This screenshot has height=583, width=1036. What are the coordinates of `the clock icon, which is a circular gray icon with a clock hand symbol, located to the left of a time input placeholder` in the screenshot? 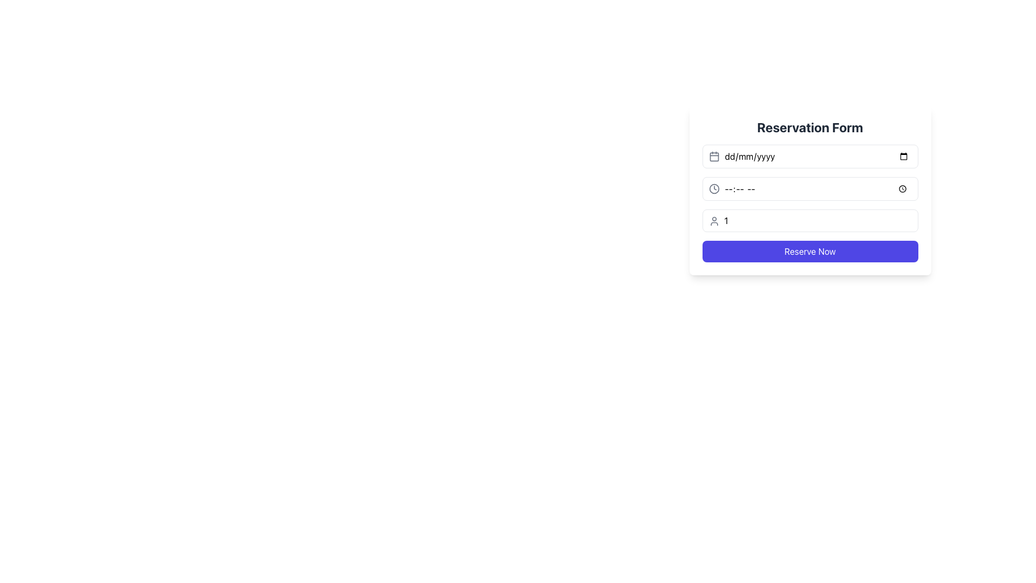 It's located at (714, 188).